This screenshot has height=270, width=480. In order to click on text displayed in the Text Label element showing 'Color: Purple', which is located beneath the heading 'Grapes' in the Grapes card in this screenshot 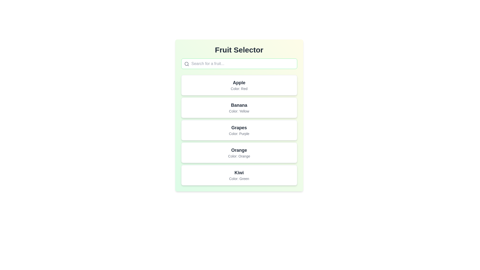, I will do `click(239, 133)`.